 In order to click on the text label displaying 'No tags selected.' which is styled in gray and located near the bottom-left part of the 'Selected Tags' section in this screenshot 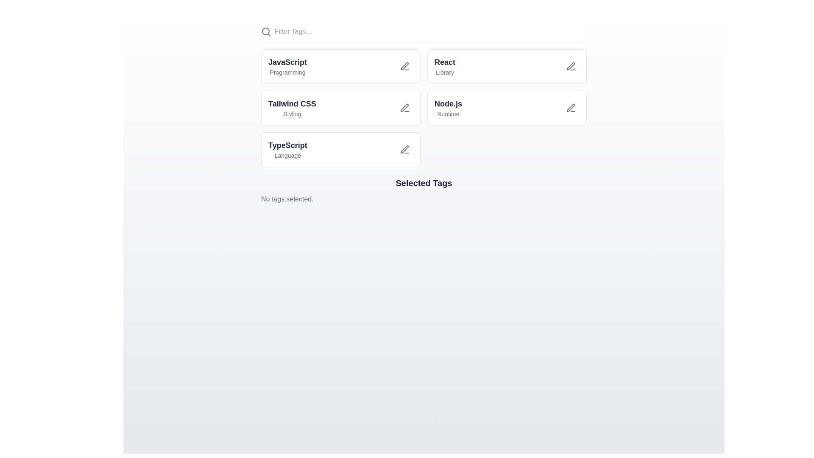, I will do `click(287, 199)`.